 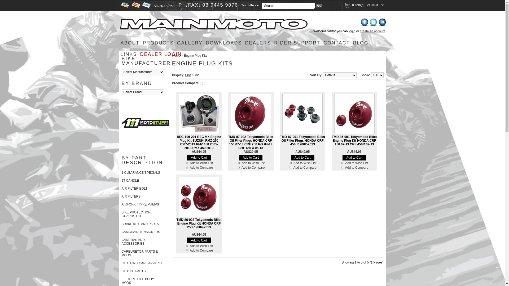 What do you see at coordinates (250, 157) in the screenshot?
I see `'Add to Cart'` at bounding box center [250, 157].